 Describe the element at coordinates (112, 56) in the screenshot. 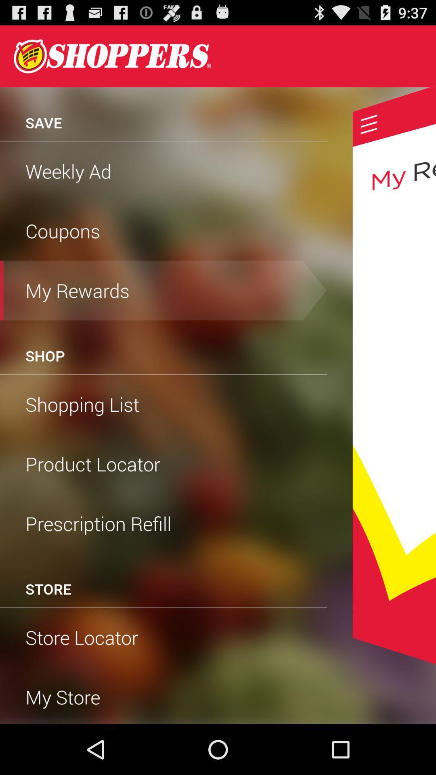

I see `logo` at that location.